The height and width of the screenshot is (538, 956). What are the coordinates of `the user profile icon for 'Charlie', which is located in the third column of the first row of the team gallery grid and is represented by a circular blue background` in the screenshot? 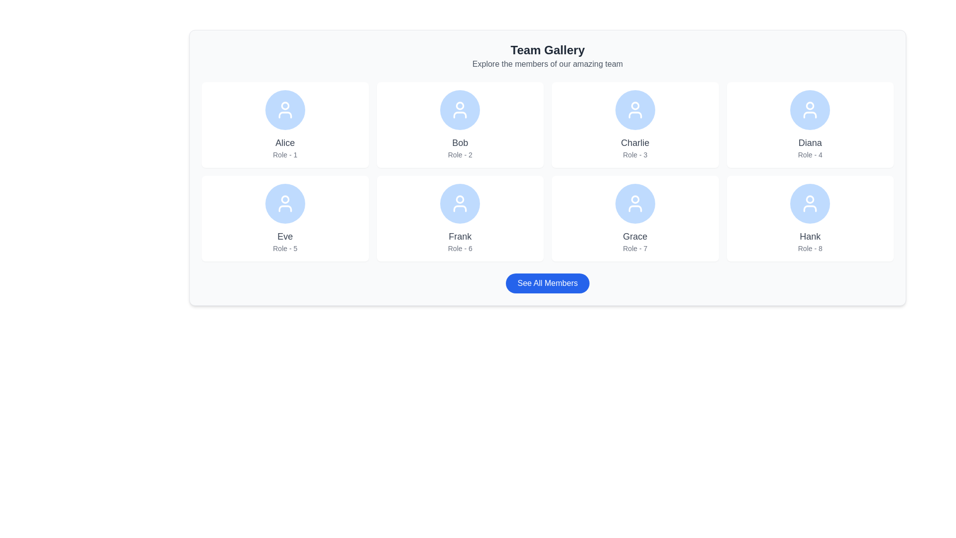 It's located at (634, 110).